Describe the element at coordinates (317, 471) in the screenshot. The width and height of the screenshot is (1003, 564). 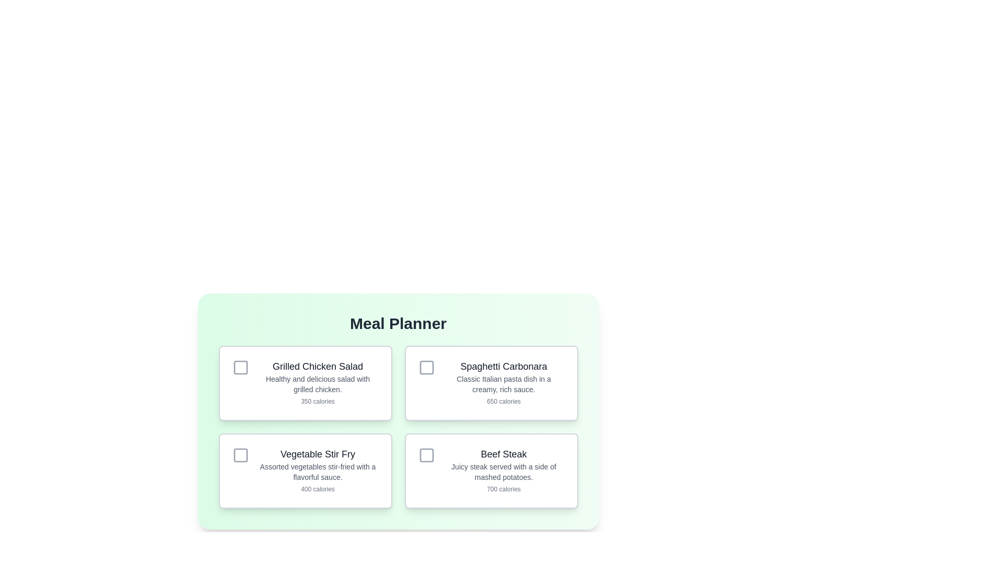
I see `the informational text block displaying 'Vegetable Stir Fry', which includes a heading, description, and calorie count, located in the second row of the 'Meal Planner' grid layout` at that location.